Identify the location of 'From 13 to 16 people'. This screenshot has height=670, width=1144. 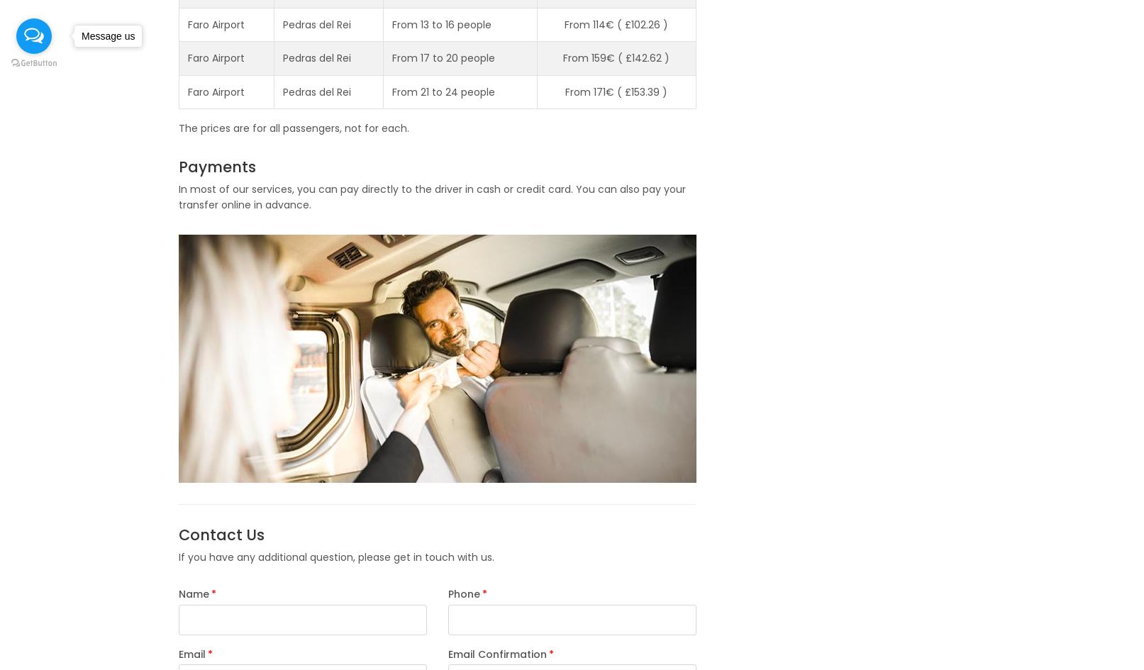
(391, 24).